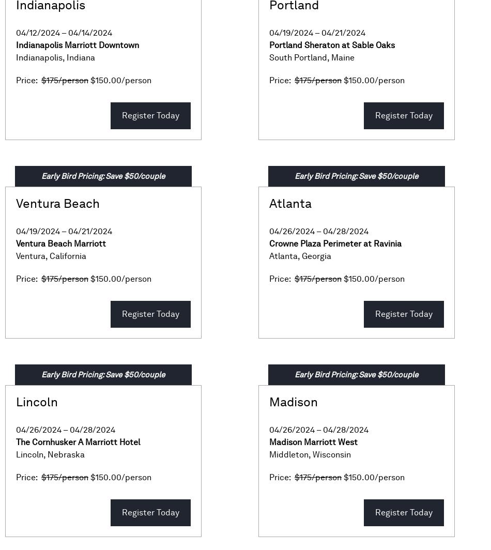 This screenshot has width=491, height=550. Describe the element at coordinates (38, 33) in the screenshot. I see `'04/12/2024'` at that location.